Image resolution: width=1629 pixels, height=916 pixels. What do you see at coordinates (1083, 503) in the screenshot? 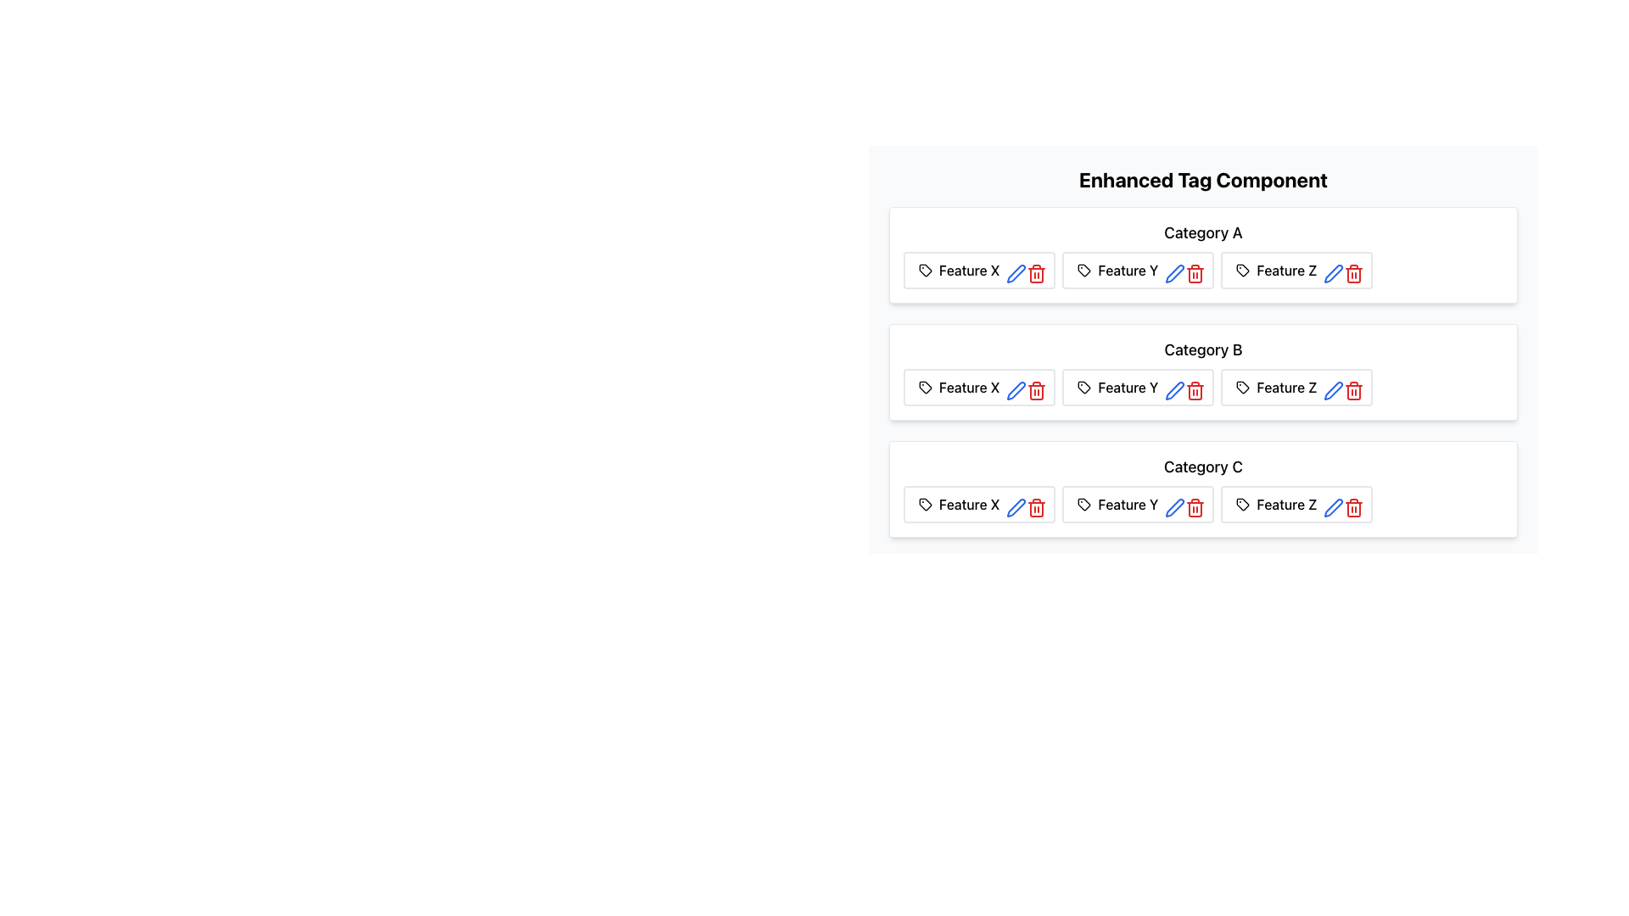
I see `the visual representation of the tag icon located under 'Category C' for the 'Feature Y' feature, which is the leftmost icon in the three-feature layout` at bounding box center [1083, 503].